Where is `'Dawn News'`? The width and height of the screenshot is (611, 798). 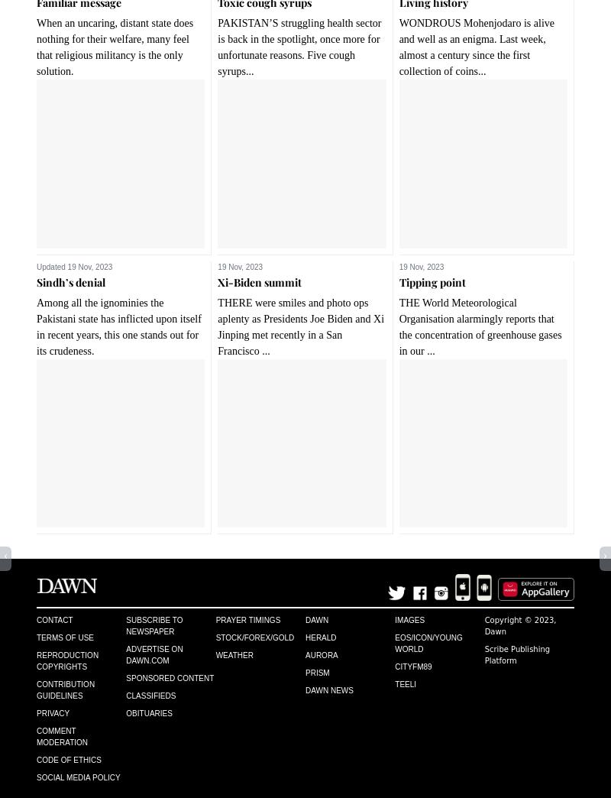 'Dawn News' is located at coordinates (328, 689).